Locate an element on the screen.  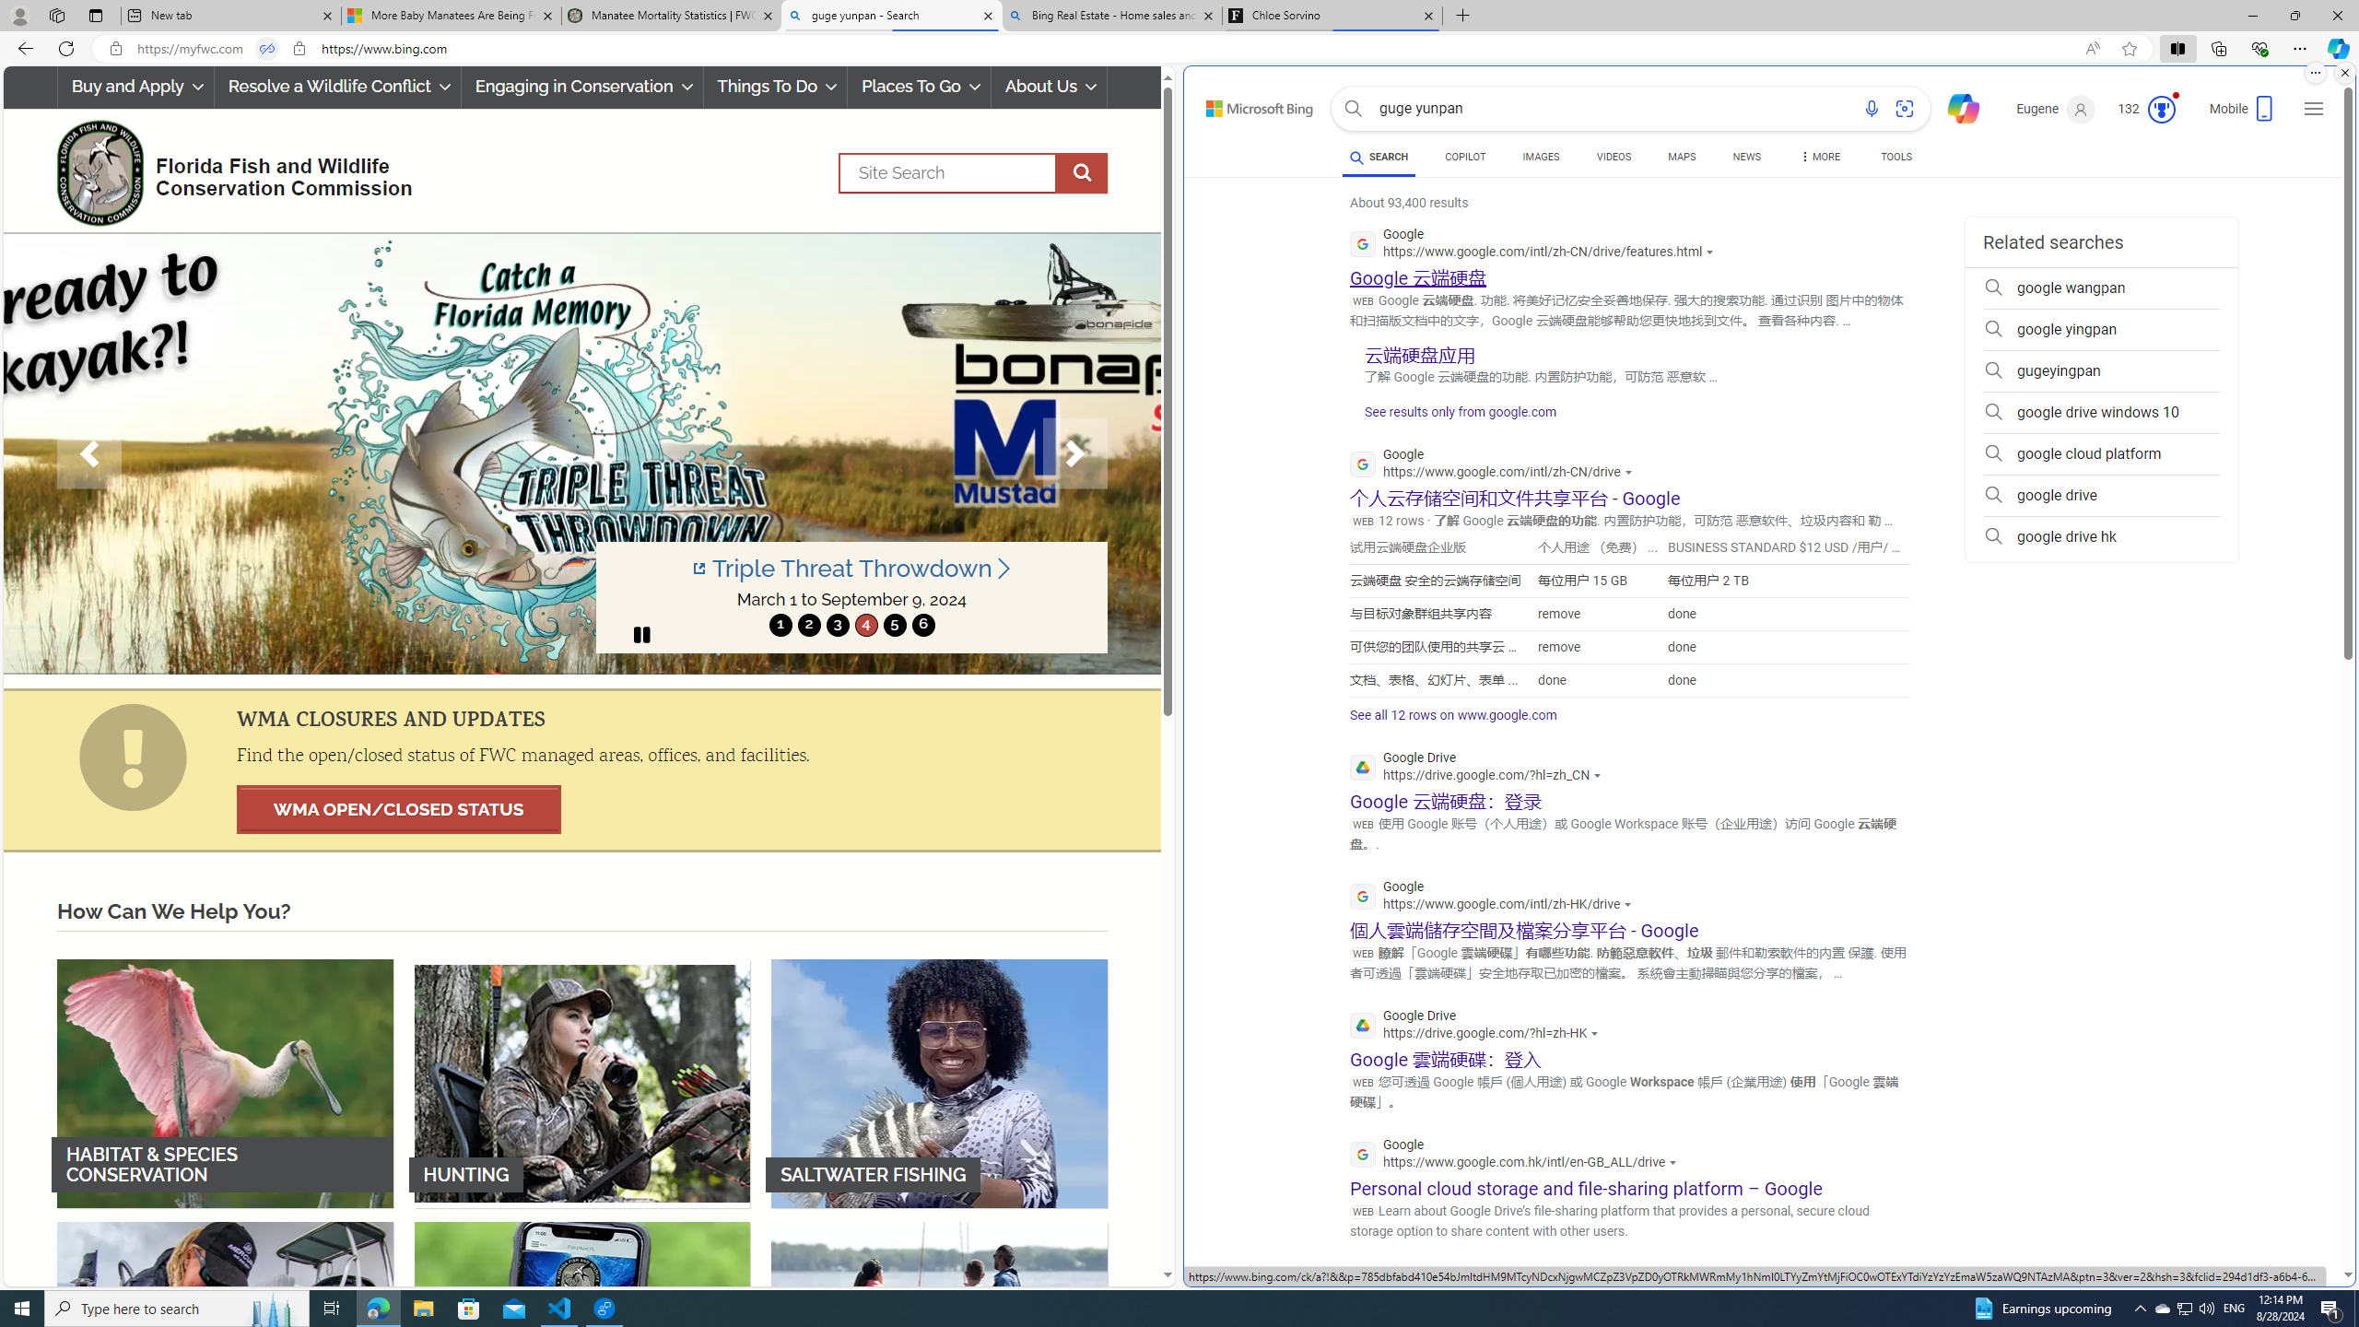
'IMAGES' is located at coordinates (1540, 156).